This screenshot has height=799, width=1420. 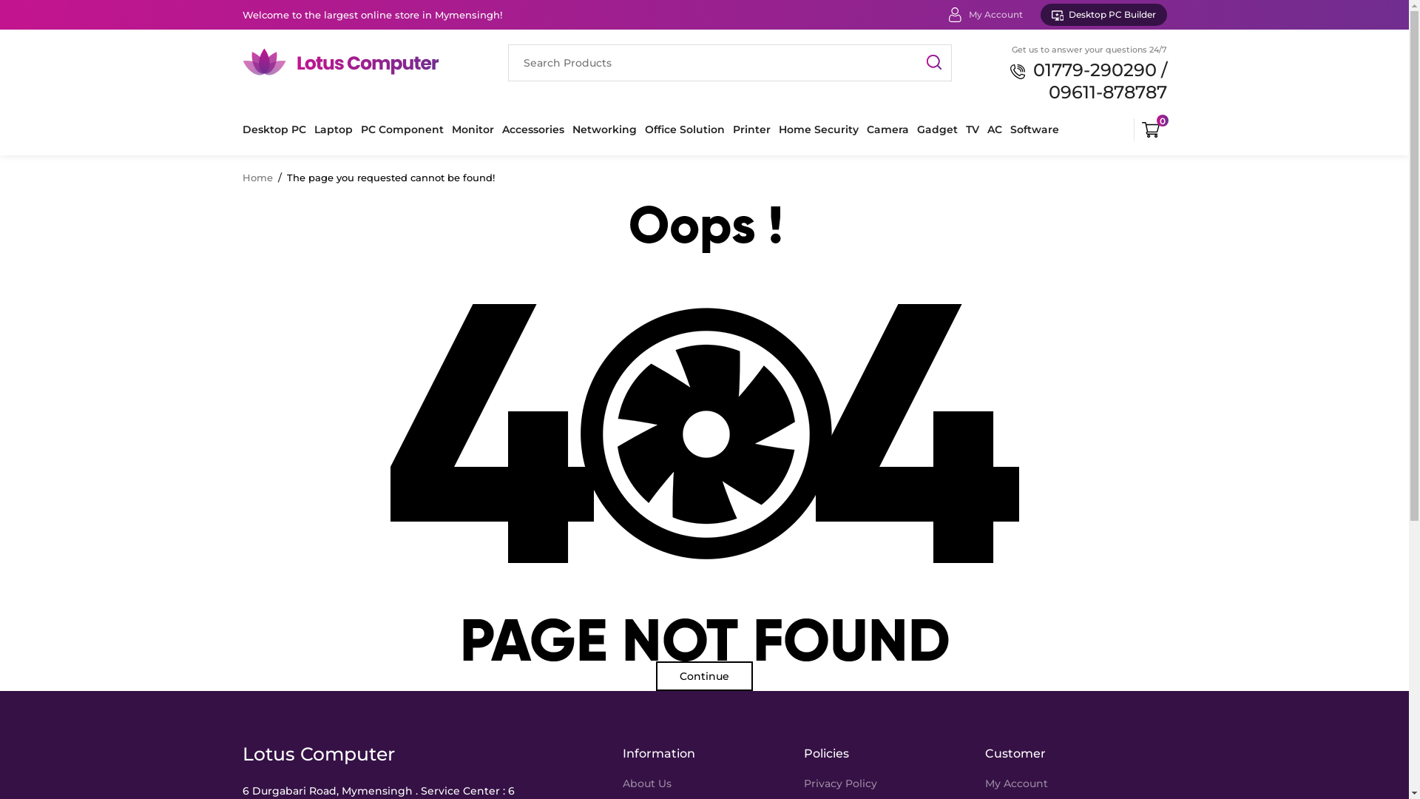 What do you see at coordinates (969, 14) in the screenshot?
I see `'My Account'` at bounding box center [969, 14].